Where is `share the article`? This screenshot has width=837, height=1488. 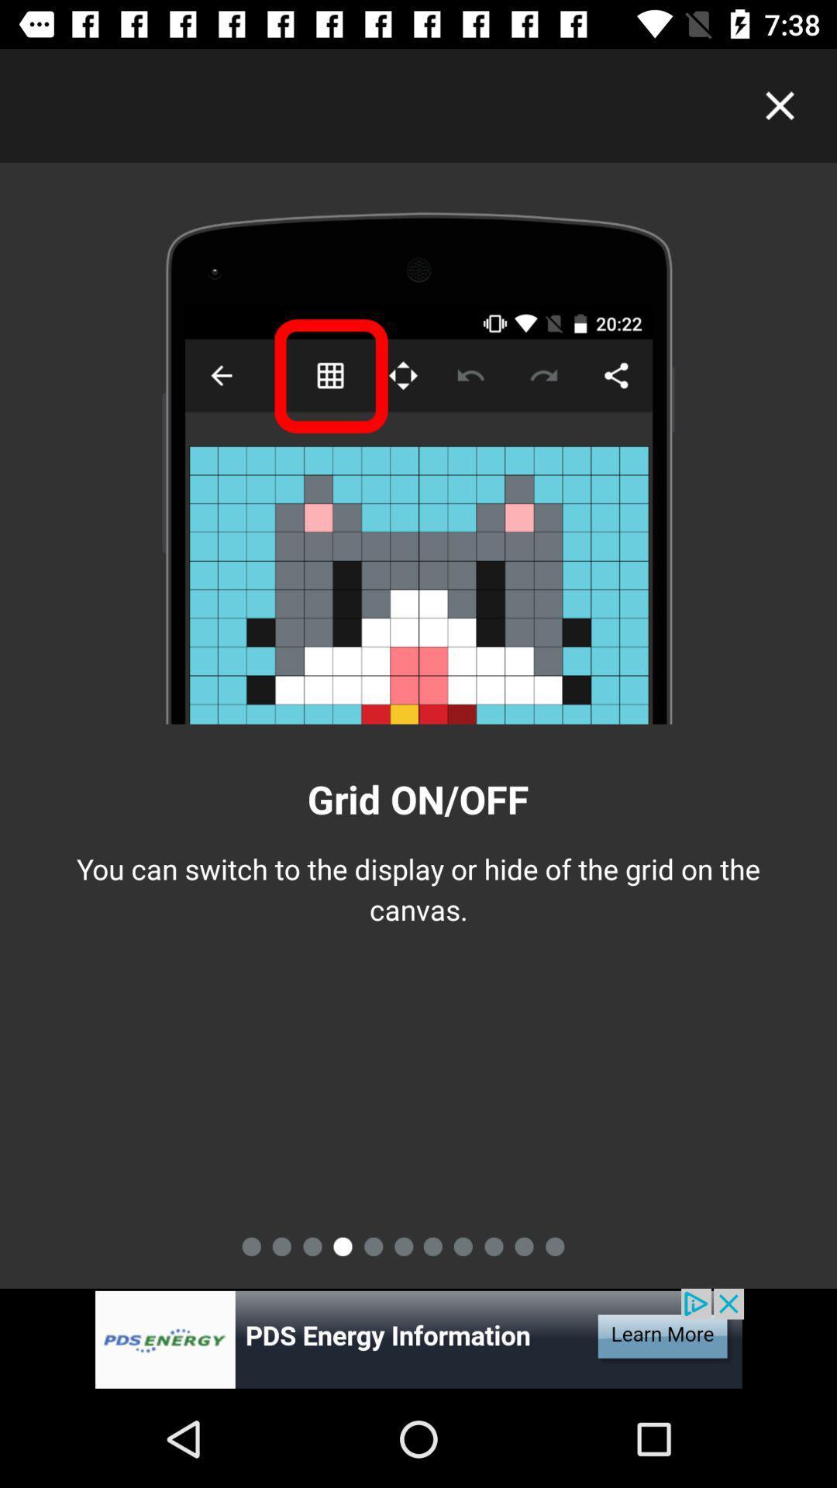
share the article is located at coordinates (418, 1338).